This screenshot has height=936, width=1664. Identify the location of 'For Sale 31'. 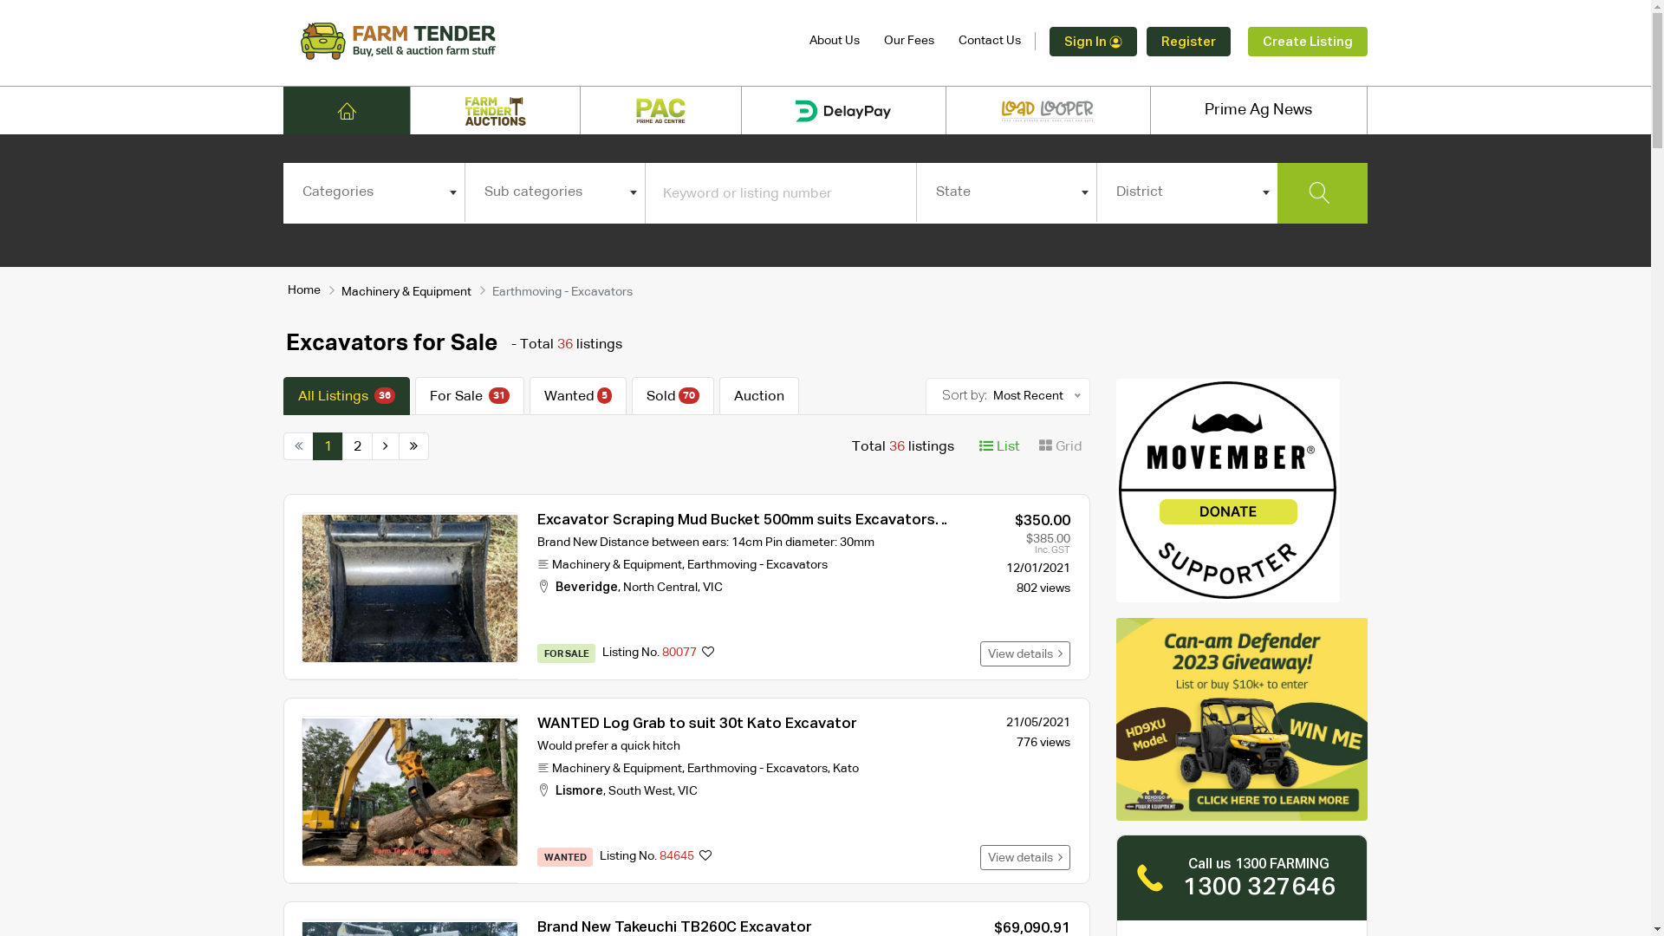
(470, 395).